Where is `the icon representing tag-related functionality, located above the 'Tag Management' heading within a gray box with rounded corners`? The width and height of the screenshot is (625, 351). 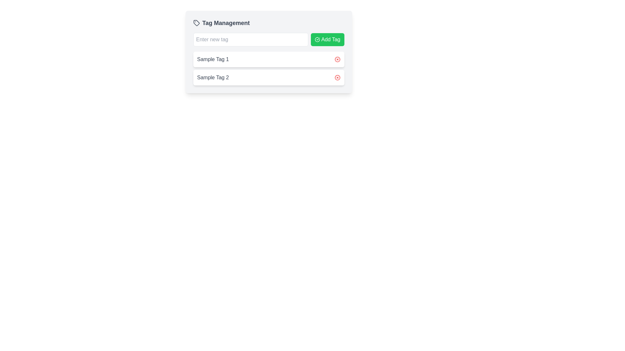 the icon representing tag-related functionality, located above the 'Tag Management' heading within a gray box with rounded corners is located at coordinates (196, 22).